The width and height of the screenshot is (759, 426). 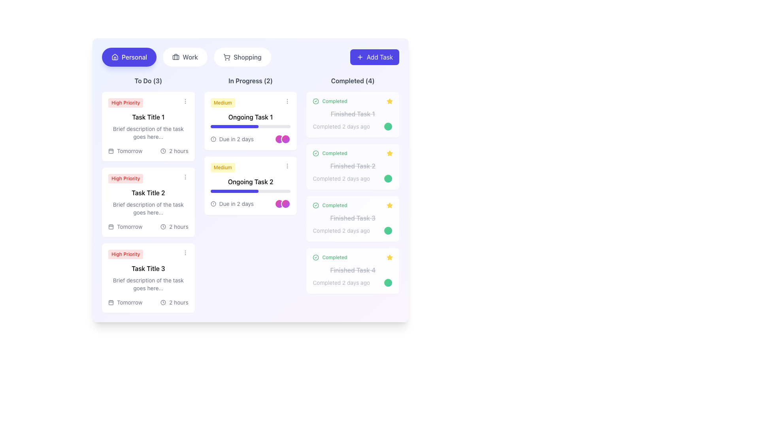 What do you see at coordinates (234, 191) in the screenshot?
I see `the progress bar located in the 'In Progress' section below the title 'Ongoing Task 2'` at bounding box center [234, 191].